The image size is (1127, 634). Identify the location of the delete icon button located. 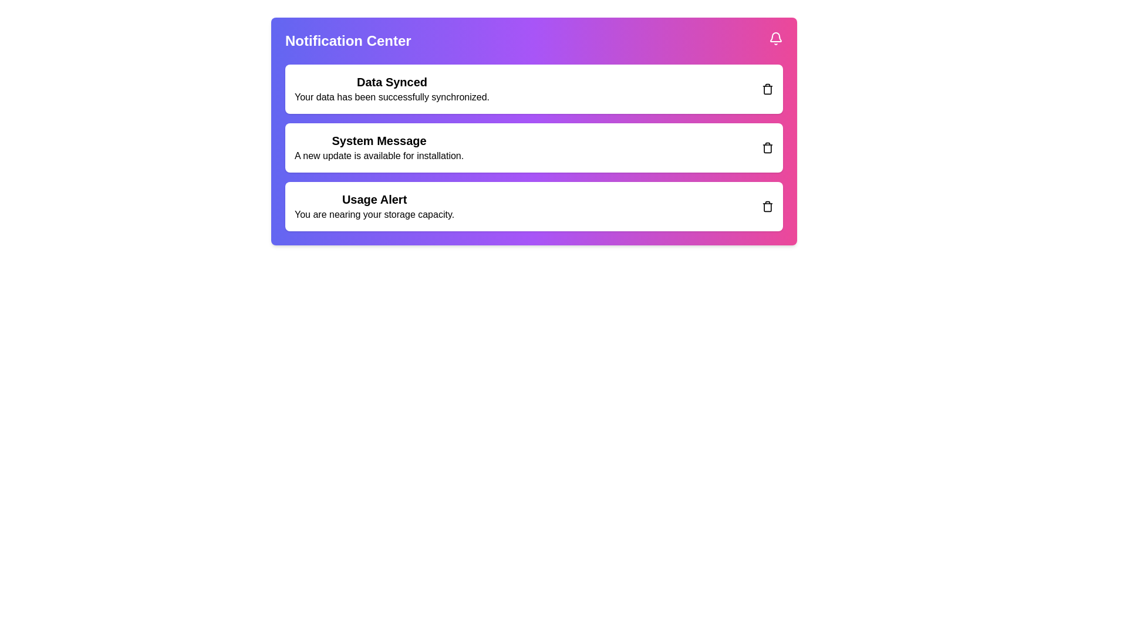
(768, 147).